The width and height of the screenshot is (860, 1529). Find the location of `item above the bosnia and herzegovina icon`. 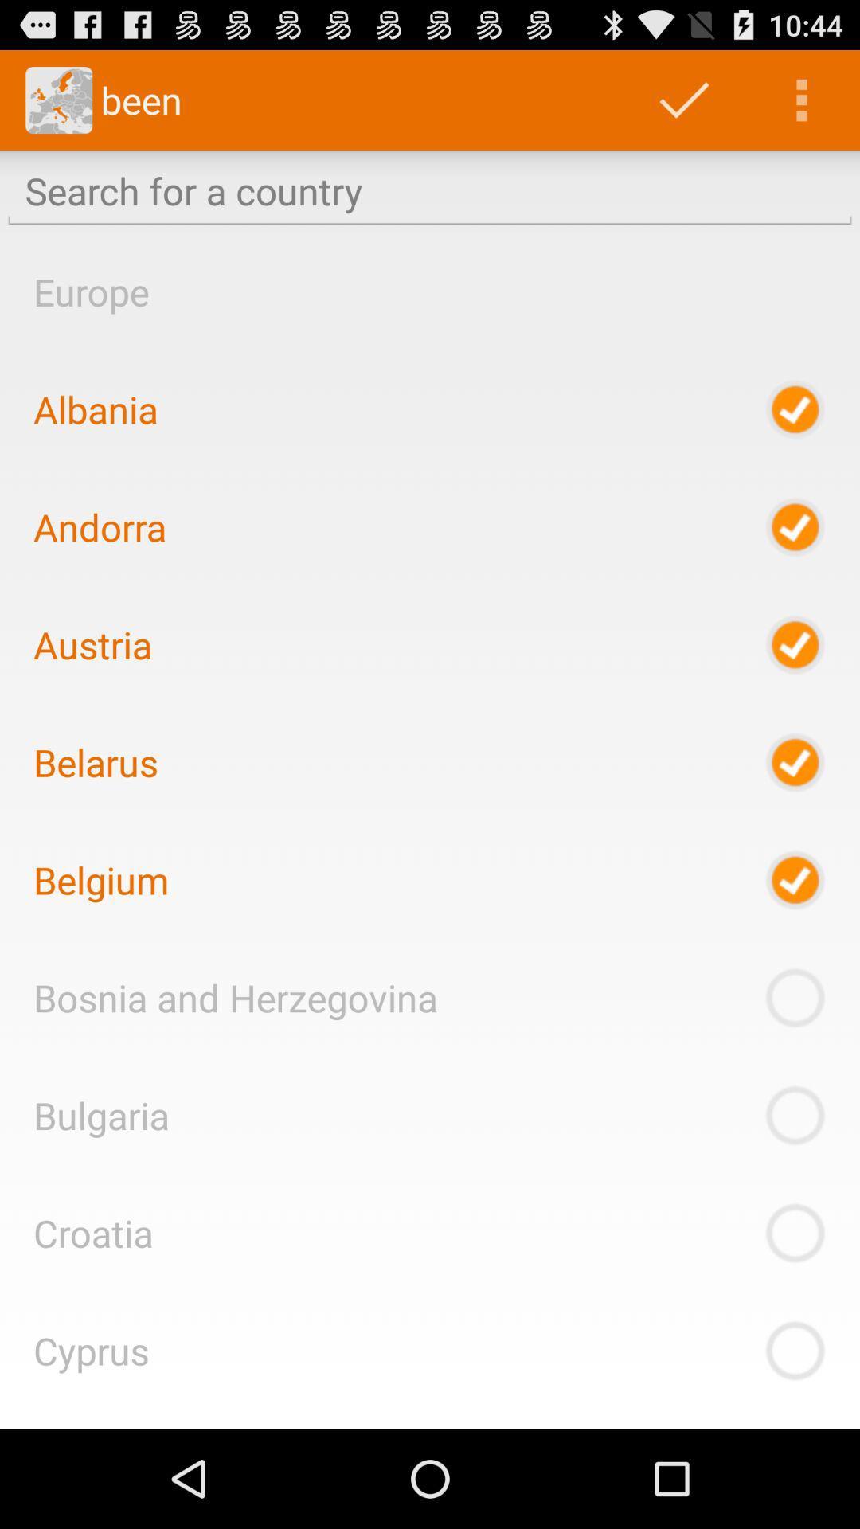

item above the bosnia and herzegovina icon is located at coordinates (101, 879).